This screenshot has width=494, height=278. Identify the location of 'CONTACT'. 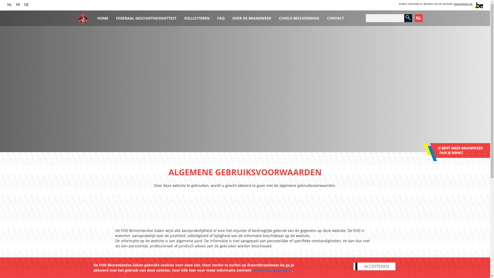
(336, 16).